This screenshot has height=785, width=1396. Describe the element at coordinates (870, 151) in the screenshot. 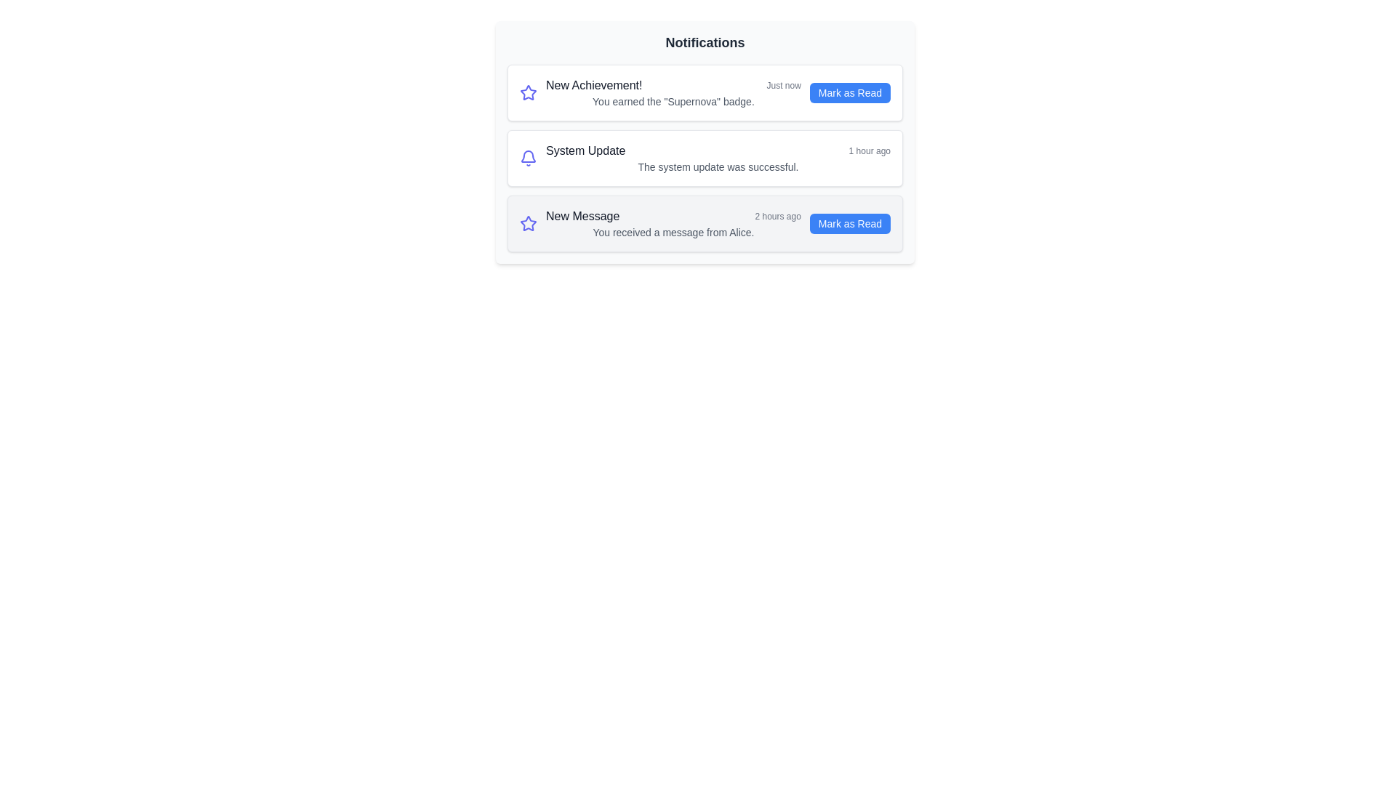

I see `the static text label displaying '1 hour ago', which is a small light gray colored text located towards the right end of the row containing the 'System Update' message` at that location.